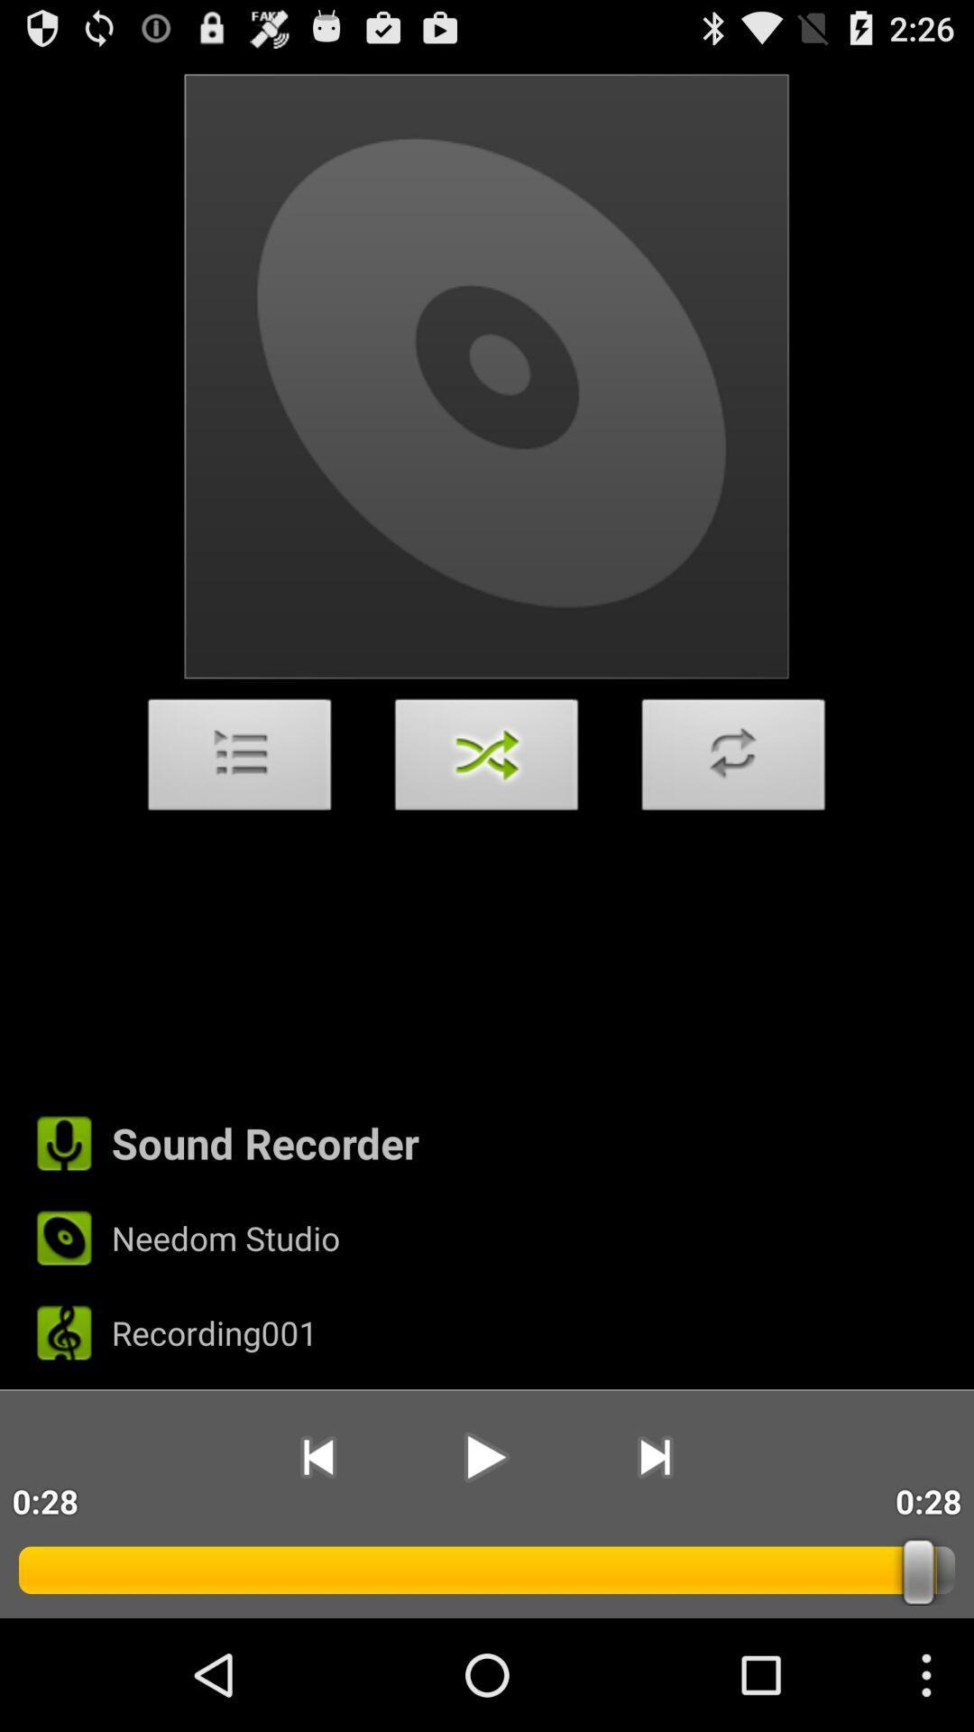  Describe the element at coordinates (487, 812) in the screenshot. I see `the close icon` at that location.